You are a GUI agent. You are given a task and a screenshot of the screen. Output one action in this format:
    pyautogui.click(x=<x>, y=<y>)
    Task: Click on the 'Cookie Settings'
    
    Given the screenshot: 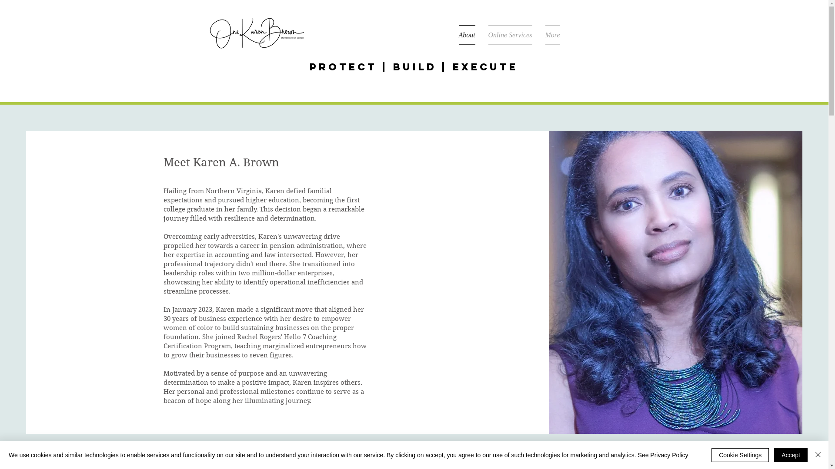 What is the action you would take?
    pyautogui.click(x=740, y=455)
    